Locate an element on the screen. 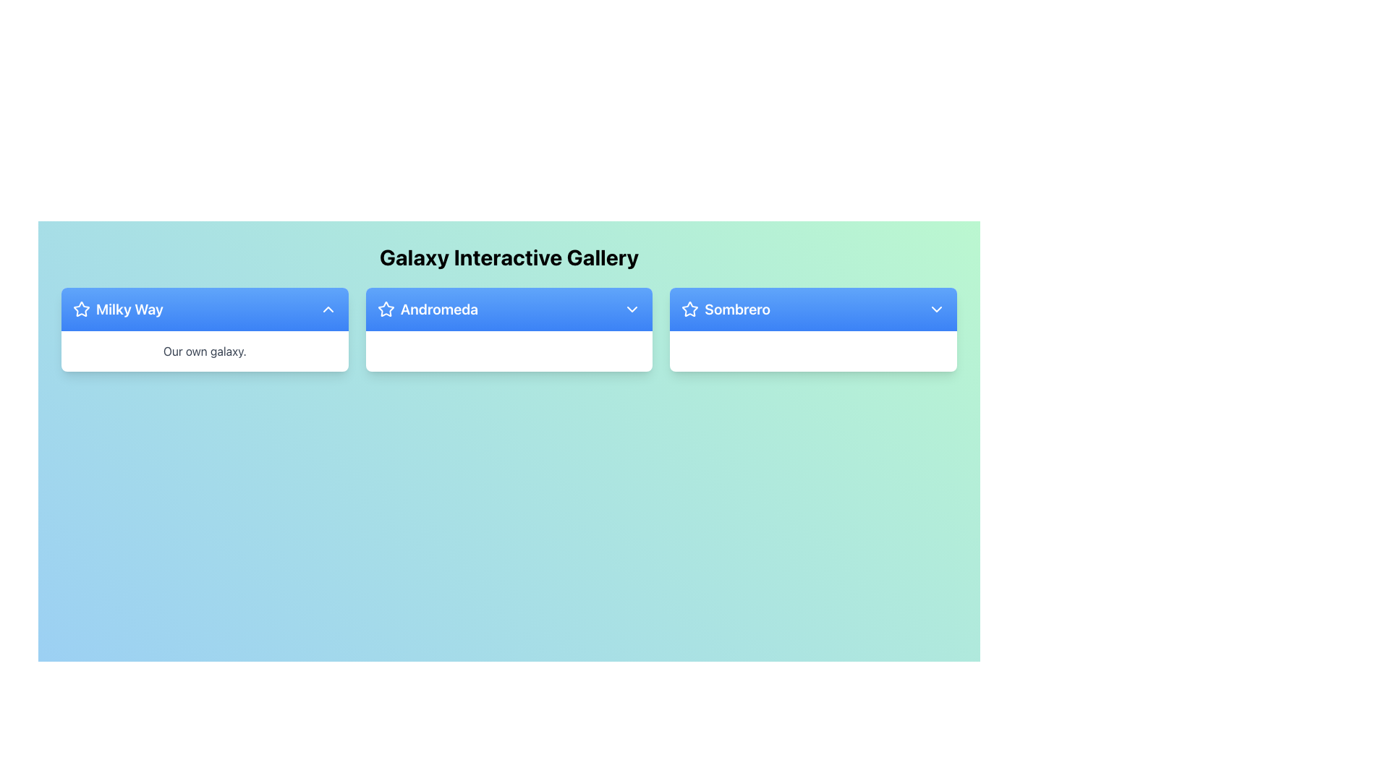  on the Andromeda card, which is the second card in a grid of three is located at coordinates (509, 329).